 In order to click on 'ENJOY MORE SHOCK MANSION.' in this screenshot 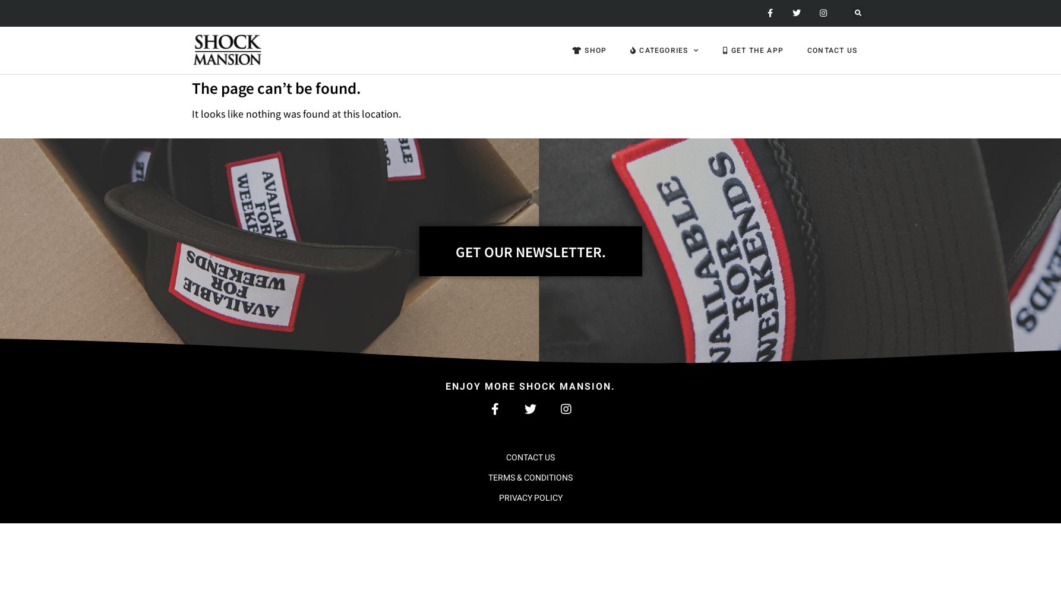, I will do `click(444, 386)`.